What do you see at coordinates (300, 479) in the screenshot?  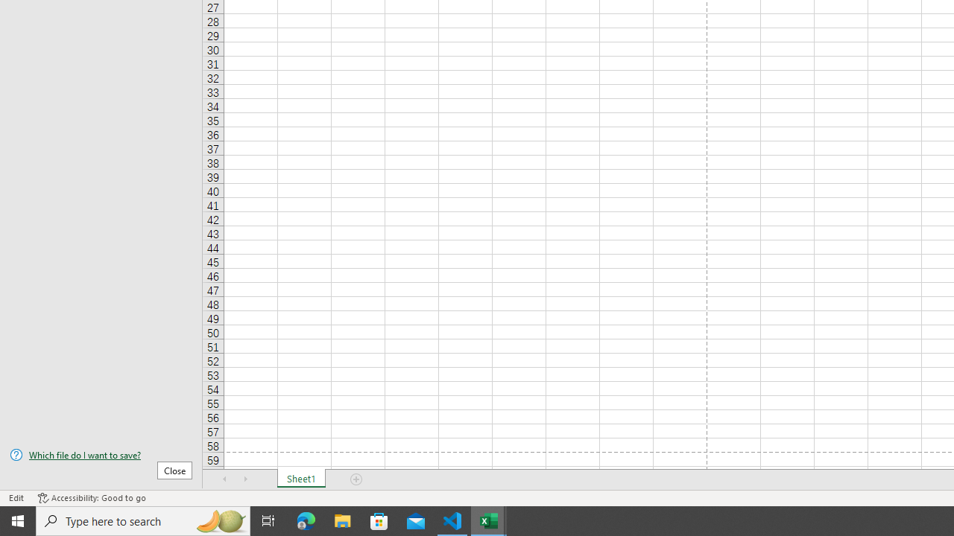 I see `'Sheet1'` at bounding box center [300, 479].